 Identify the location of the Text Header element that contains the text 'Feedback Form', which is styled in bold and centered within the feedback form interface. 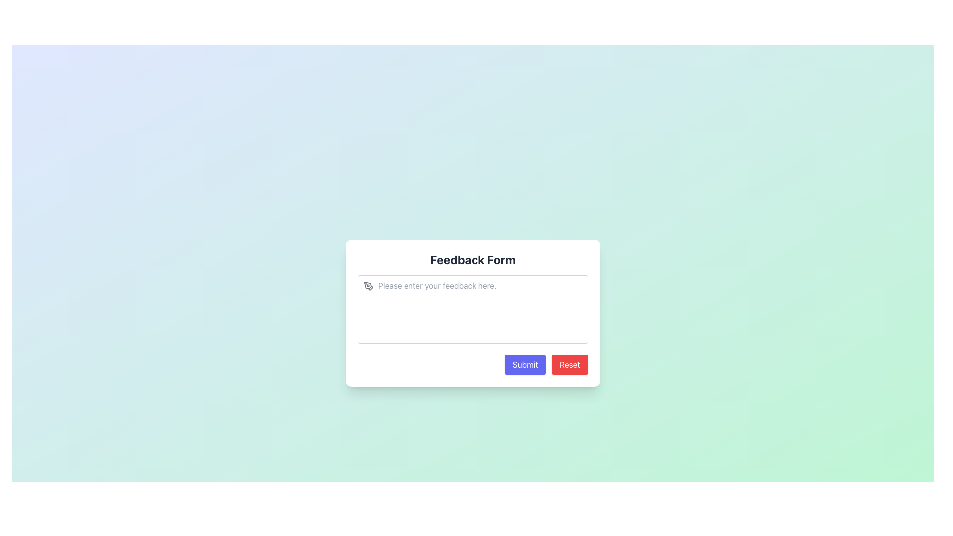
(473, 259).